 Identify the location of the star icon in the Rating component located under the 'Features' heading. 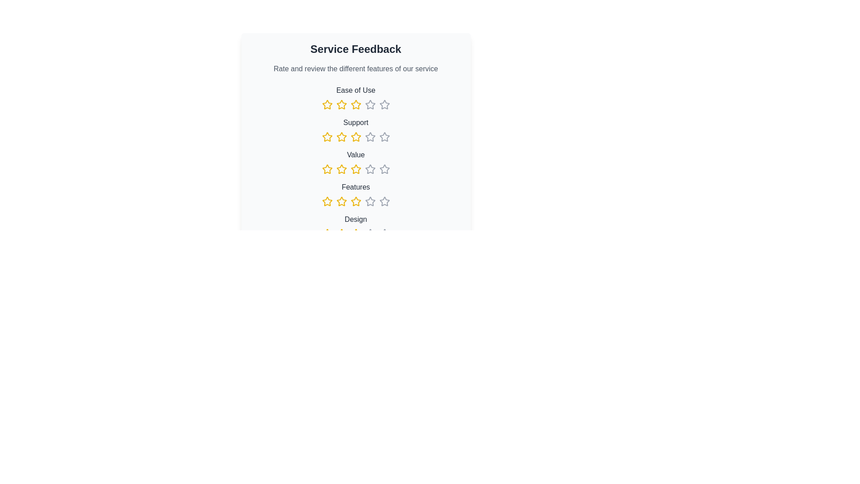
(355, 202).